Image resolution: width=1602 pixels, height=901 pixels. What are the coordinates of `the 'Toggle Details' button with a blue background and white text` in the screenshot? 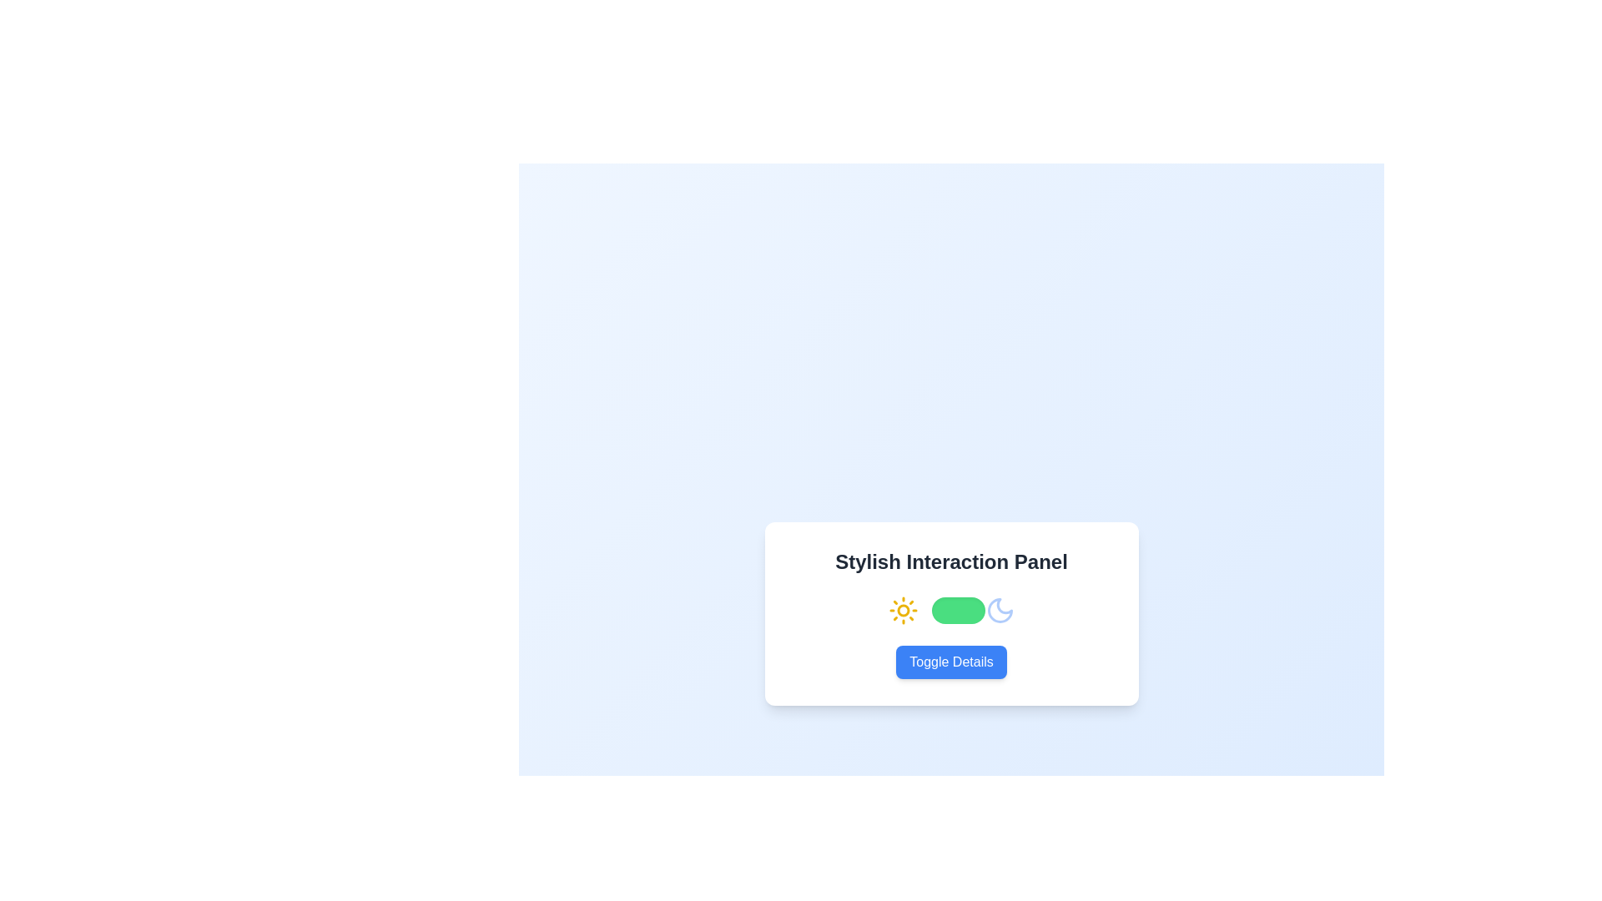 It's located at (951, 662).